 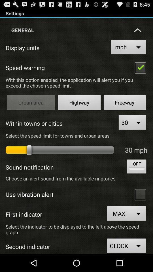 What do you see at coordinates (140, 67) in the screenshot?
I see `deselect an item` at bounding box center [140, 67].